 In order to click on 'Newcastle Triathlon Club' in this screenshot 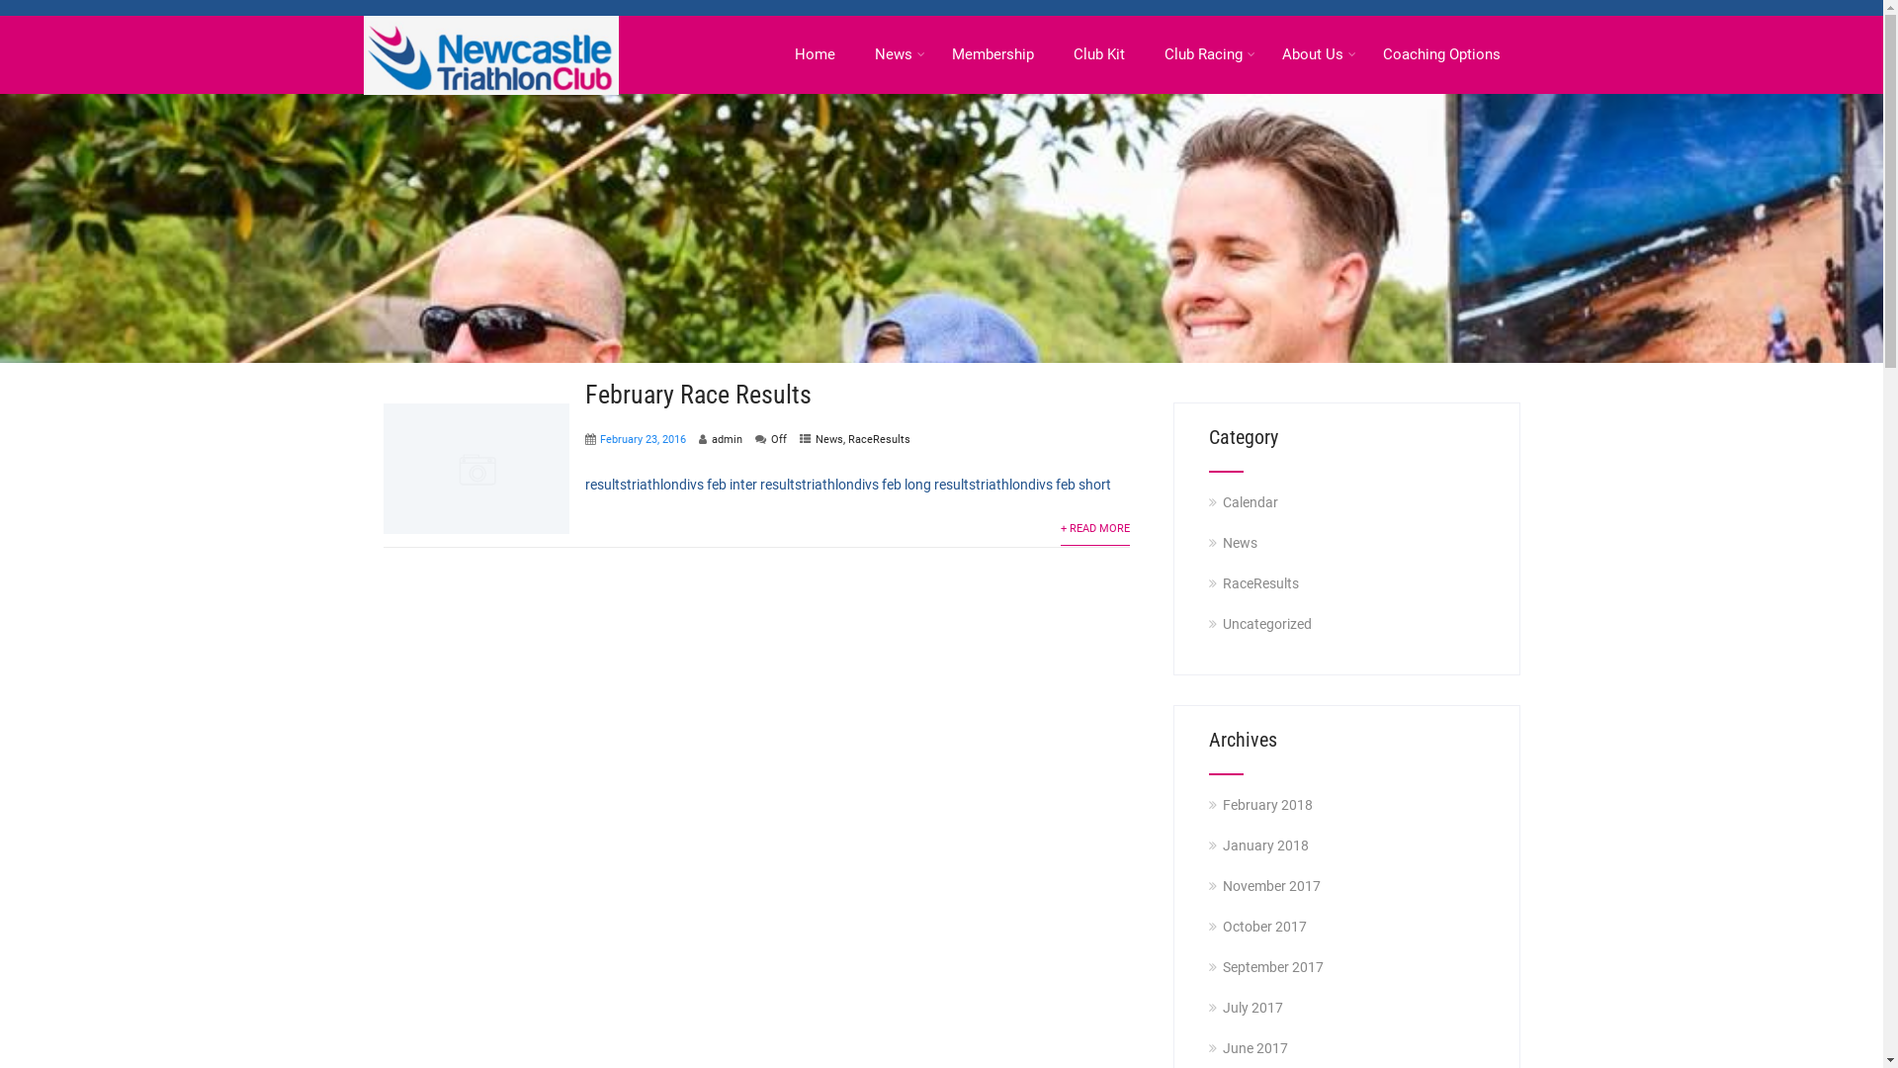, I will do `click(491, 26)`.